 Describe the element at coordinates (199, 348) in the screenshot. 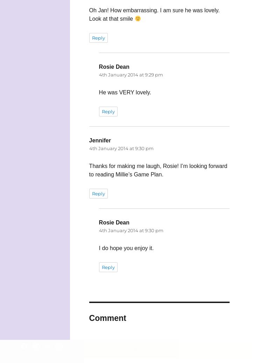

I see `'Books'` at that location.